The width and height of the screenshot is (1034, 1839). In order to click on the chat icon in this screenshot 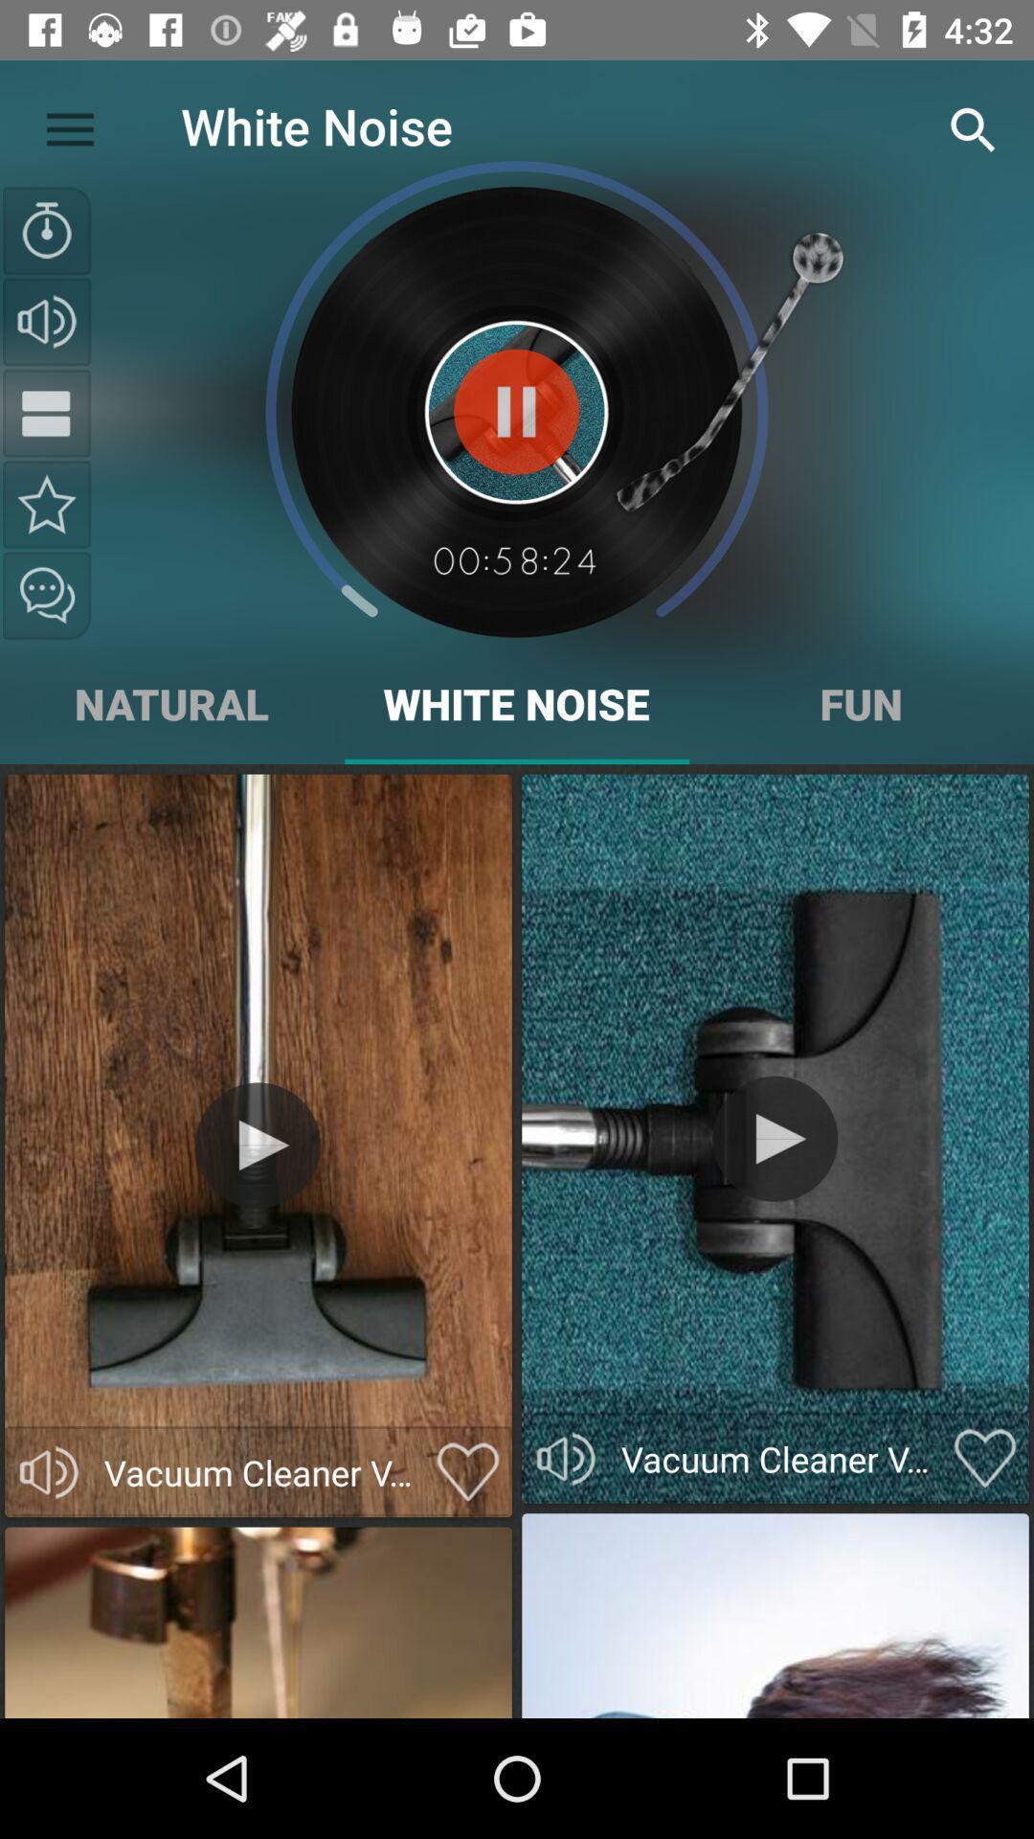, I will do `click(46, 595)`.